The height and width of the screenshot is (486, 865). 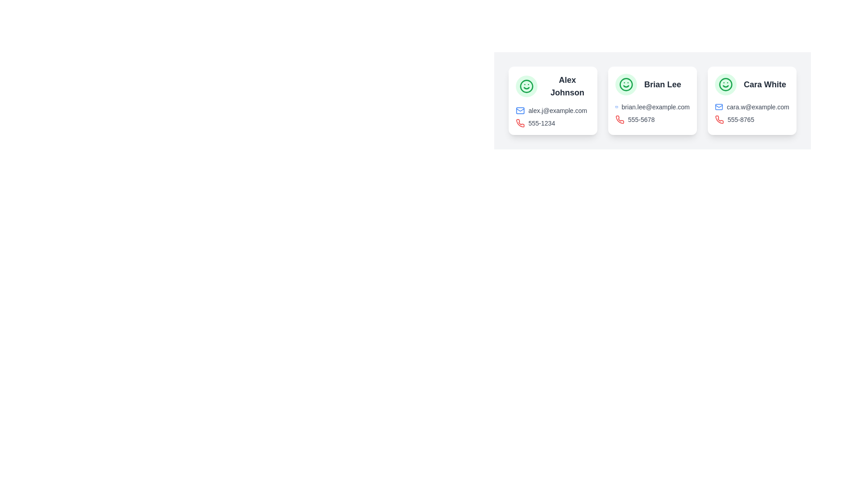 What do you see at coordinates (626, 85) in the screenshot?
I see `the green circular smiley face icon located at the upper-left corner of Brian Lee's profile card` at bounding box center [626, 85].